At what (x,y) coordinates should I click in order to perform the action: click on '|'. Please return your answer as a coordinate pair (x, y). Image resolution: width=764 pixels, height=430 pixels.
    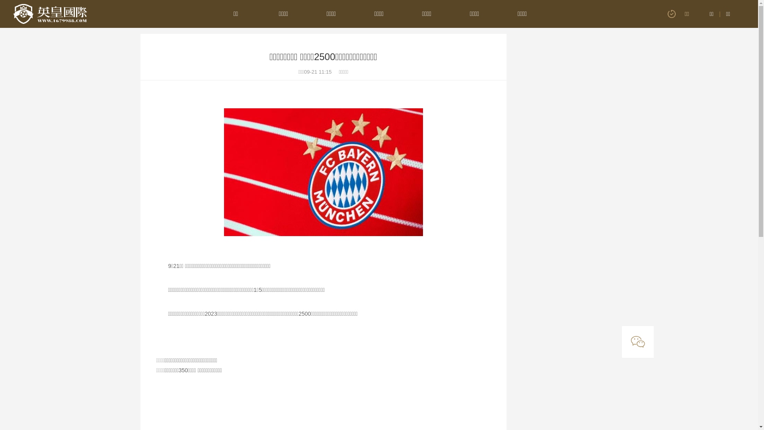
    Looking at the image, I should click on (720, 14).